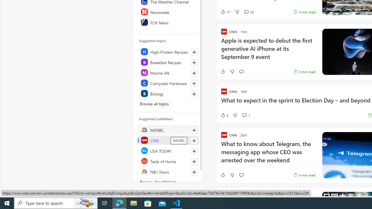 This screenshot has height=209, width=372. I want to click on 'NBC News', so click(168, 171).